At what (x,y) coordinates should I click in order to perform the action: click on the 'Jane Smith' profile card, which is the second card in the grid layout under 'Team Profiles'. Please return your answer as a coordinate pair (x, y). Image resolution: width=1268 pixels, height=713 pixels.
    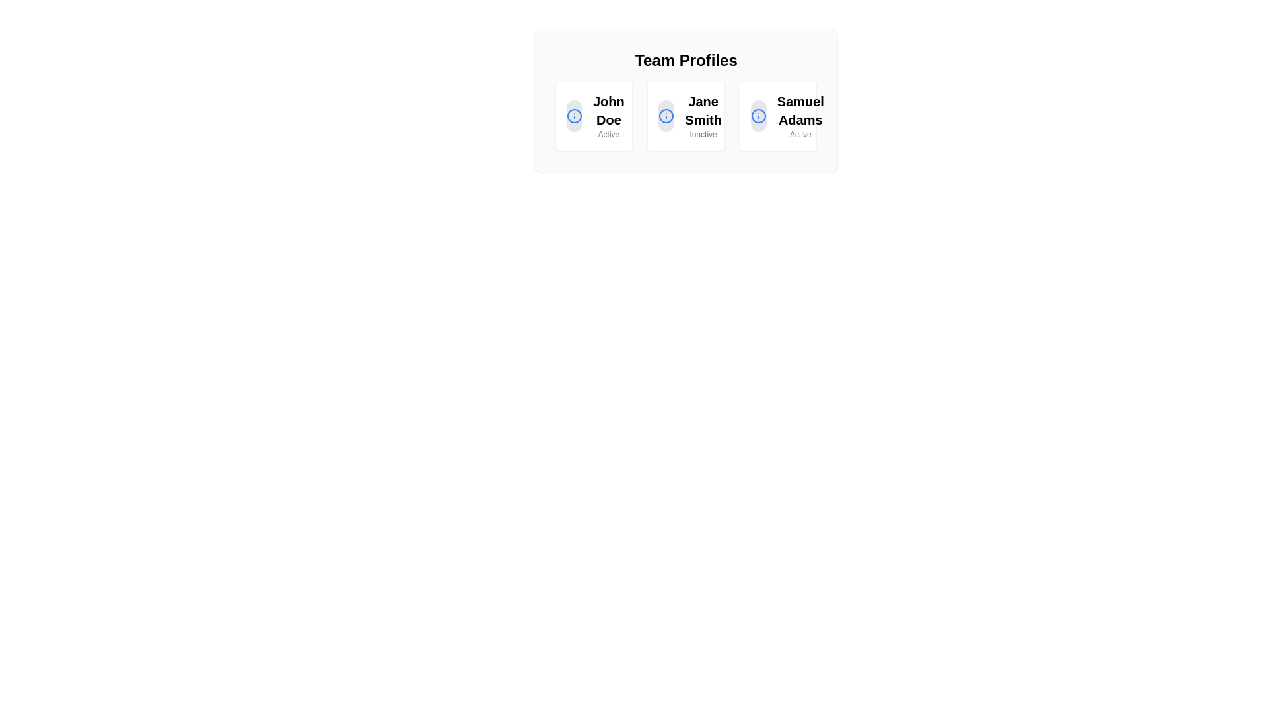
    Looking at the image, I should click on (686, 99).